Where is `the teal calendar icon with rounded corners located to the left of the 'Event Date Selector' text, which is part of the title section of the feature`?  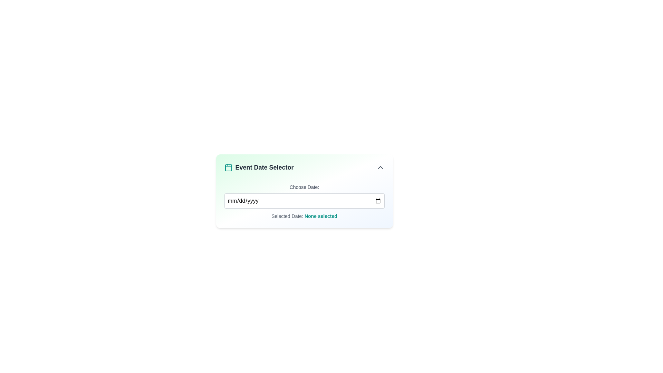
the teal calendar icon with rounded corners located to the left of the 'Event Date Selector' text, which is part of the title section of the feature is located at coordinates (228, 168).